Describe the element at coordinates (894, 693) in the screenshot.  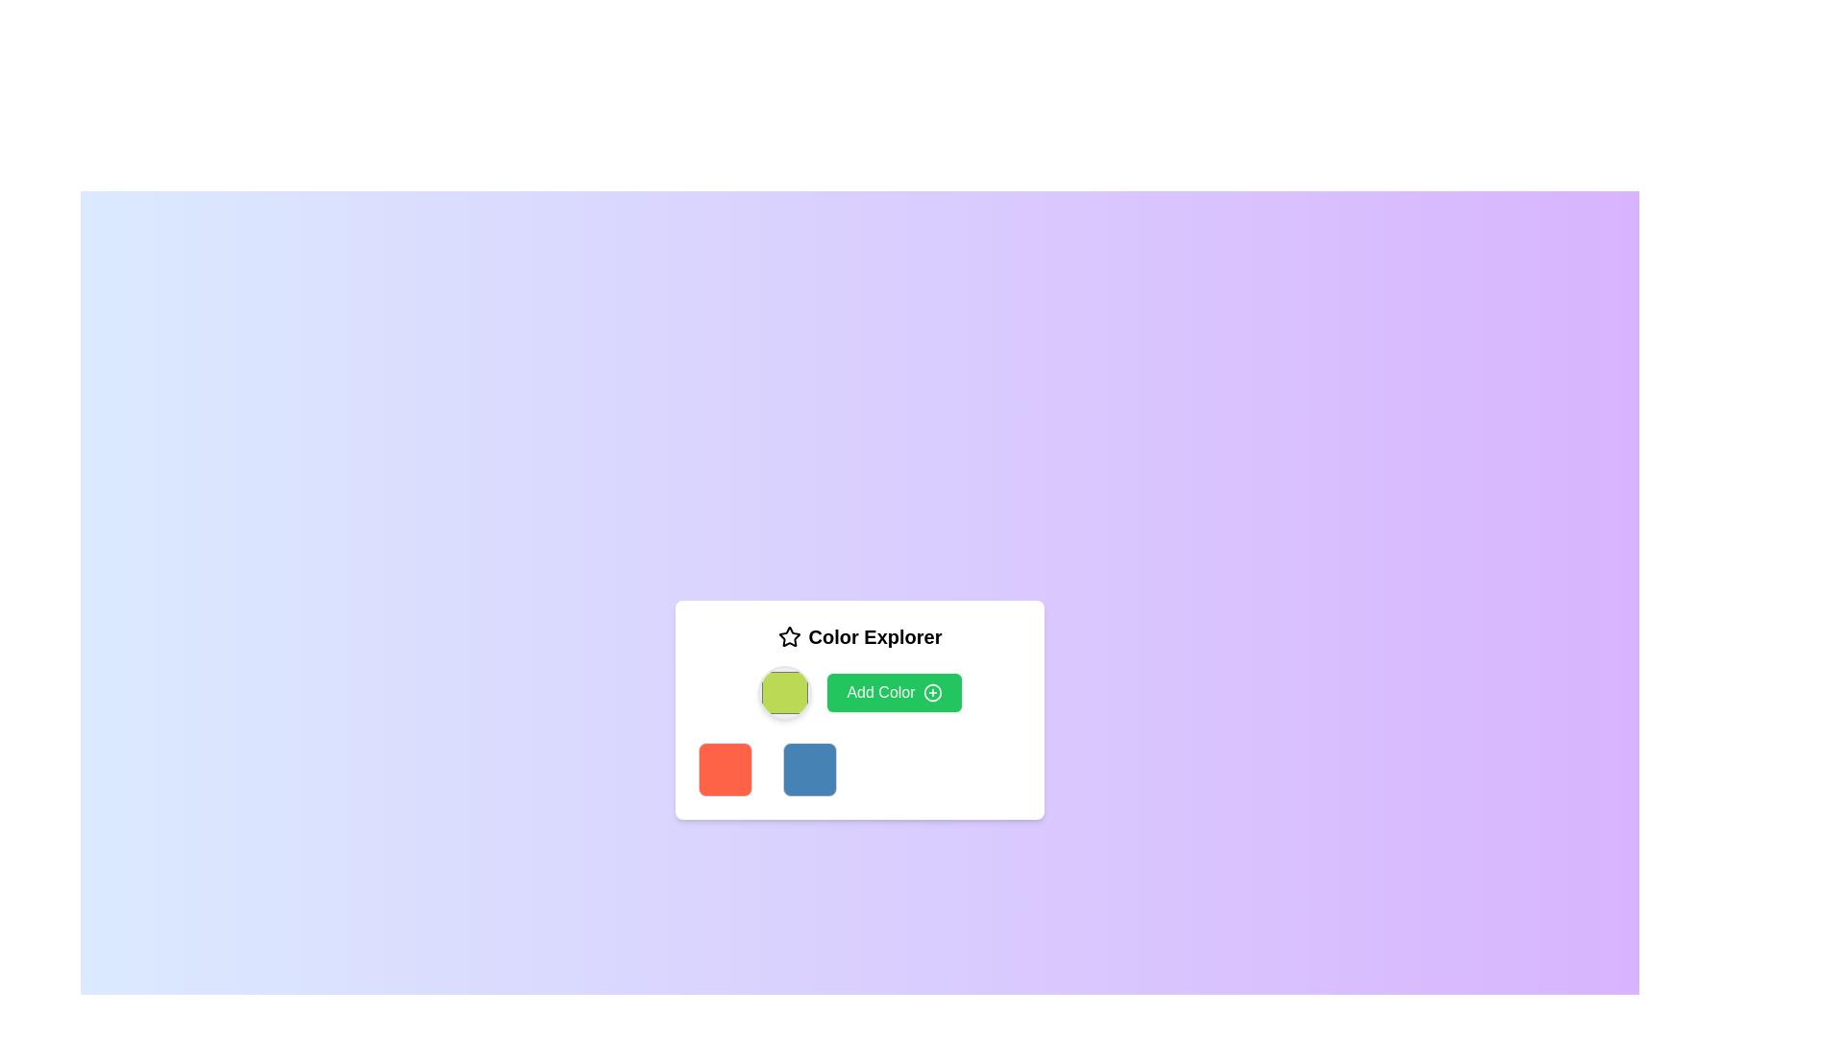
I see `the 'Add Color' button` at that location.